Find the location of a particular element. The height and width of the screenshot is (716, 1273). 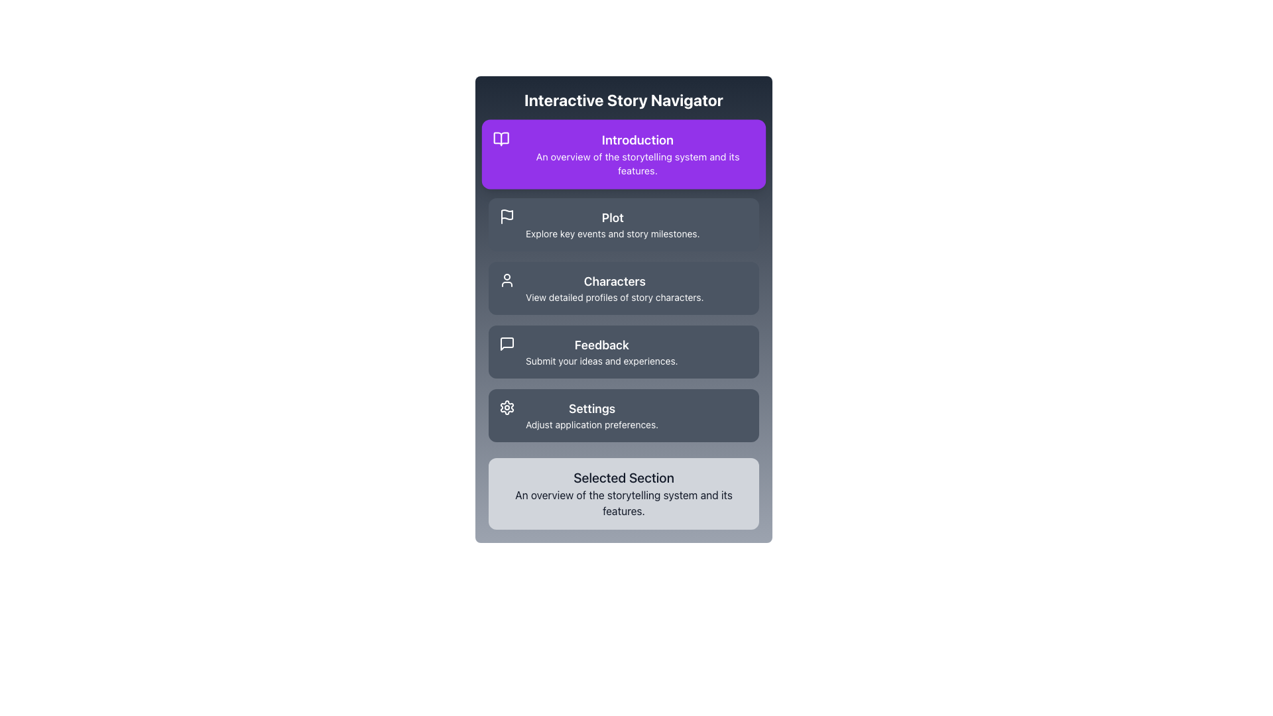

the Text label located under the 'Plot' header in the navigation menu, which provides additional description and context about the 'Plot' section is located at coordinates (612, 233).